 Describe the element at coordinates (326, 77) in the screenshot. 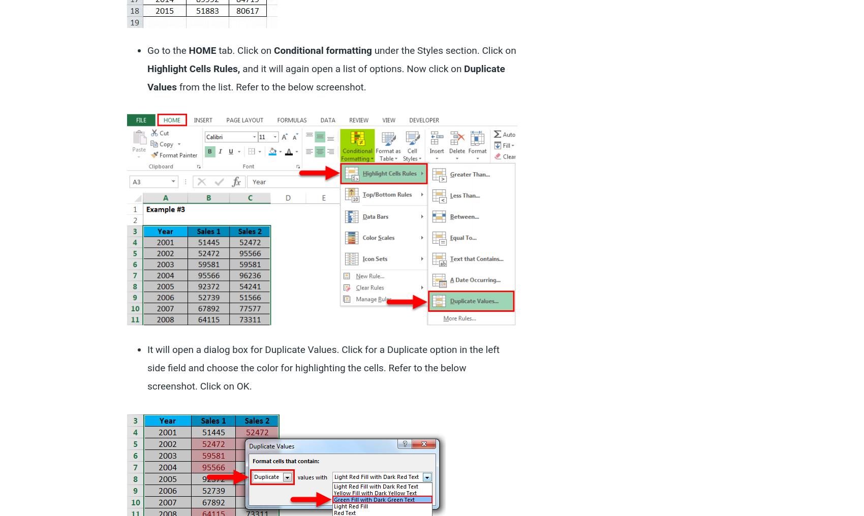

I see `'Duplicate Values'` at that location.